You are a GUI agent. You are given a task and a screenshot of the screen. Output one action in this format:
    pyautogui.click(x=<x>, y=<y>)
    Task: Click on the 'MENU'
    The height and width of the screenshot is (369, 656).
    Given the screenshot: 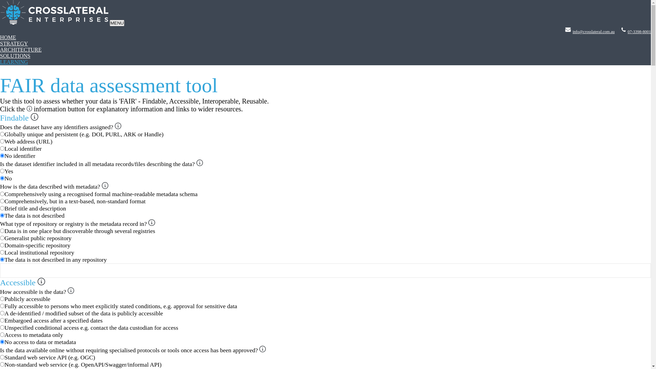 What is the action you would take?
    pyautogui.click(x=117, y=23)
    